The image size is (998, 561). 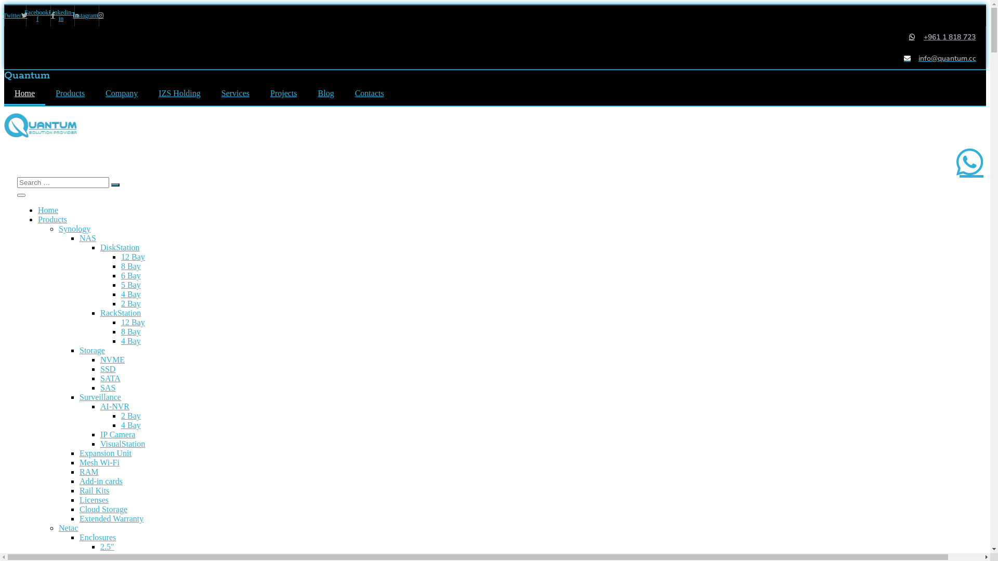 What do you see at coordinates (101, 481) in the screenshot?
I see `'Add-in cards'` at bounding box center [101, 481].